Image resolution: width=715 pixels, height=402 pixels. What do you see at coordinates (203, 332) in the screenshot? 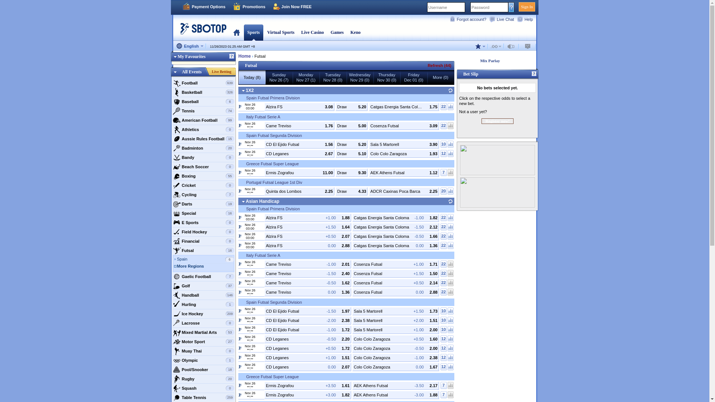
I see `'Mixed Martial Arts` at bounding box center [203, 332].